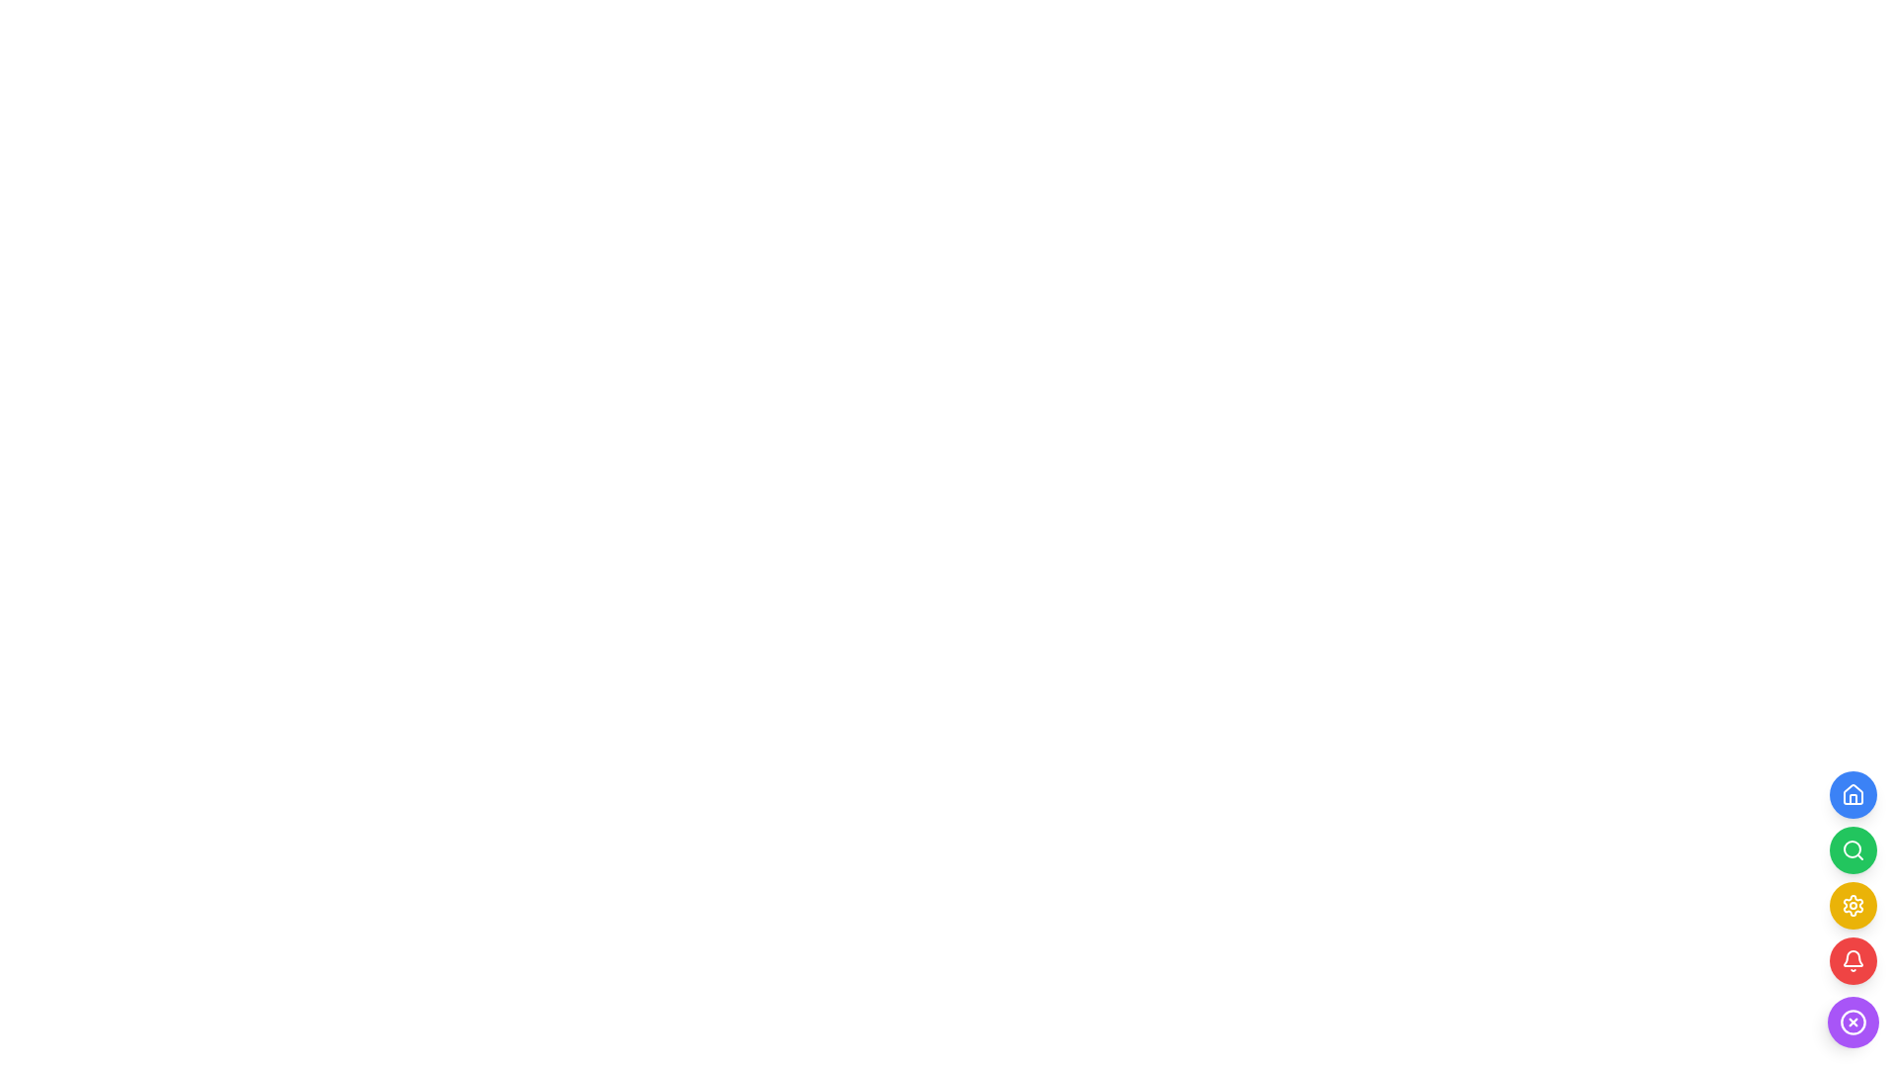  Describe the element at coordinates (1852, 849) in the screenshot. I see `the second button from the top in the vertically stacked group of circular buttons on the right side of the interface` at that location.